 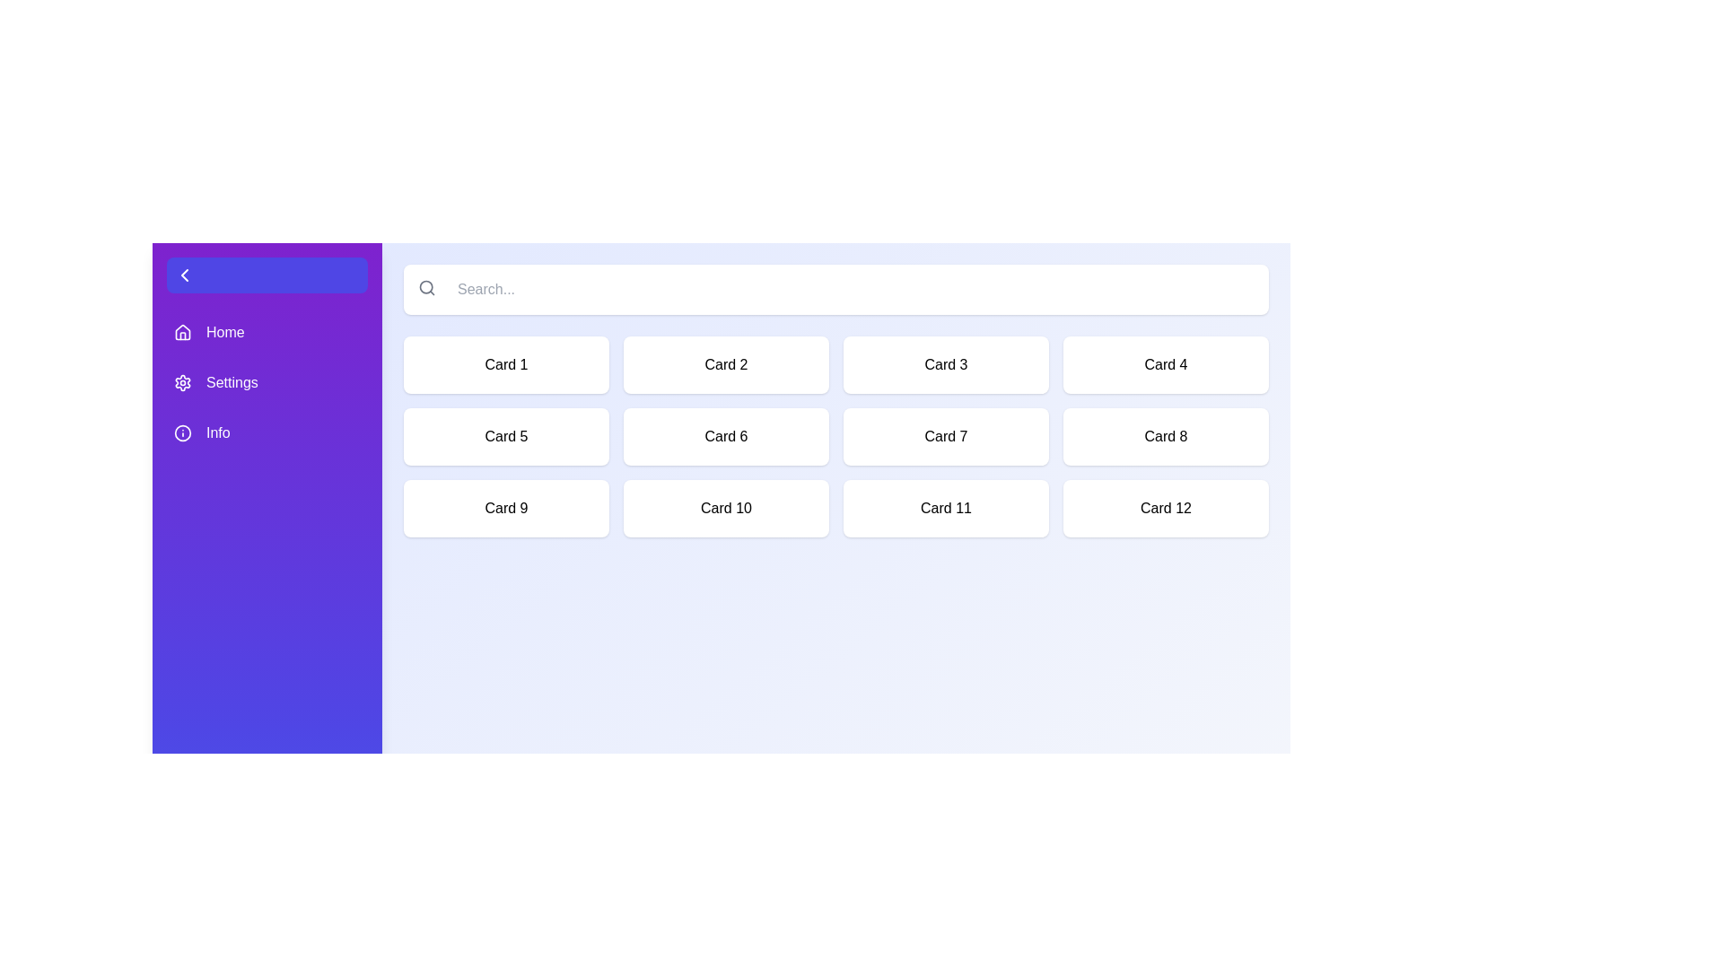 I want to click on button to toggle the drawer state, so click(x=266, y=275).